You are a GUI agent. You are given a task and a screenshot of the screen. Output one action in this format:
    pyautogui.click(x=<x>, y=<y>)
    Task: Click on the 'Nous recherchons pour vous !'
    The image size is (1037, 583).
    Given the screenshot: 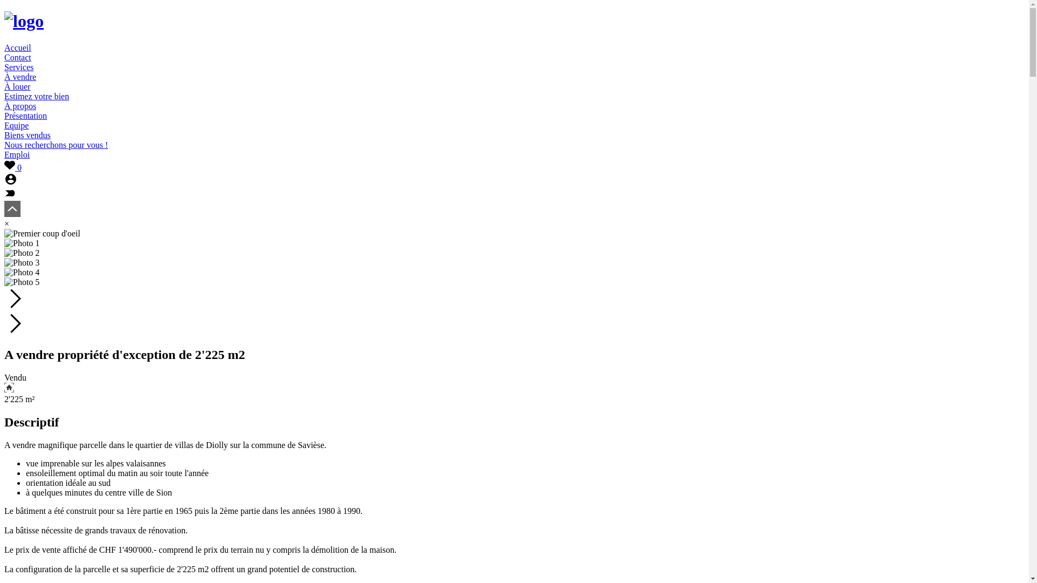 What is the action you would take?
    pyautogui.click(x=56, y=144)
    